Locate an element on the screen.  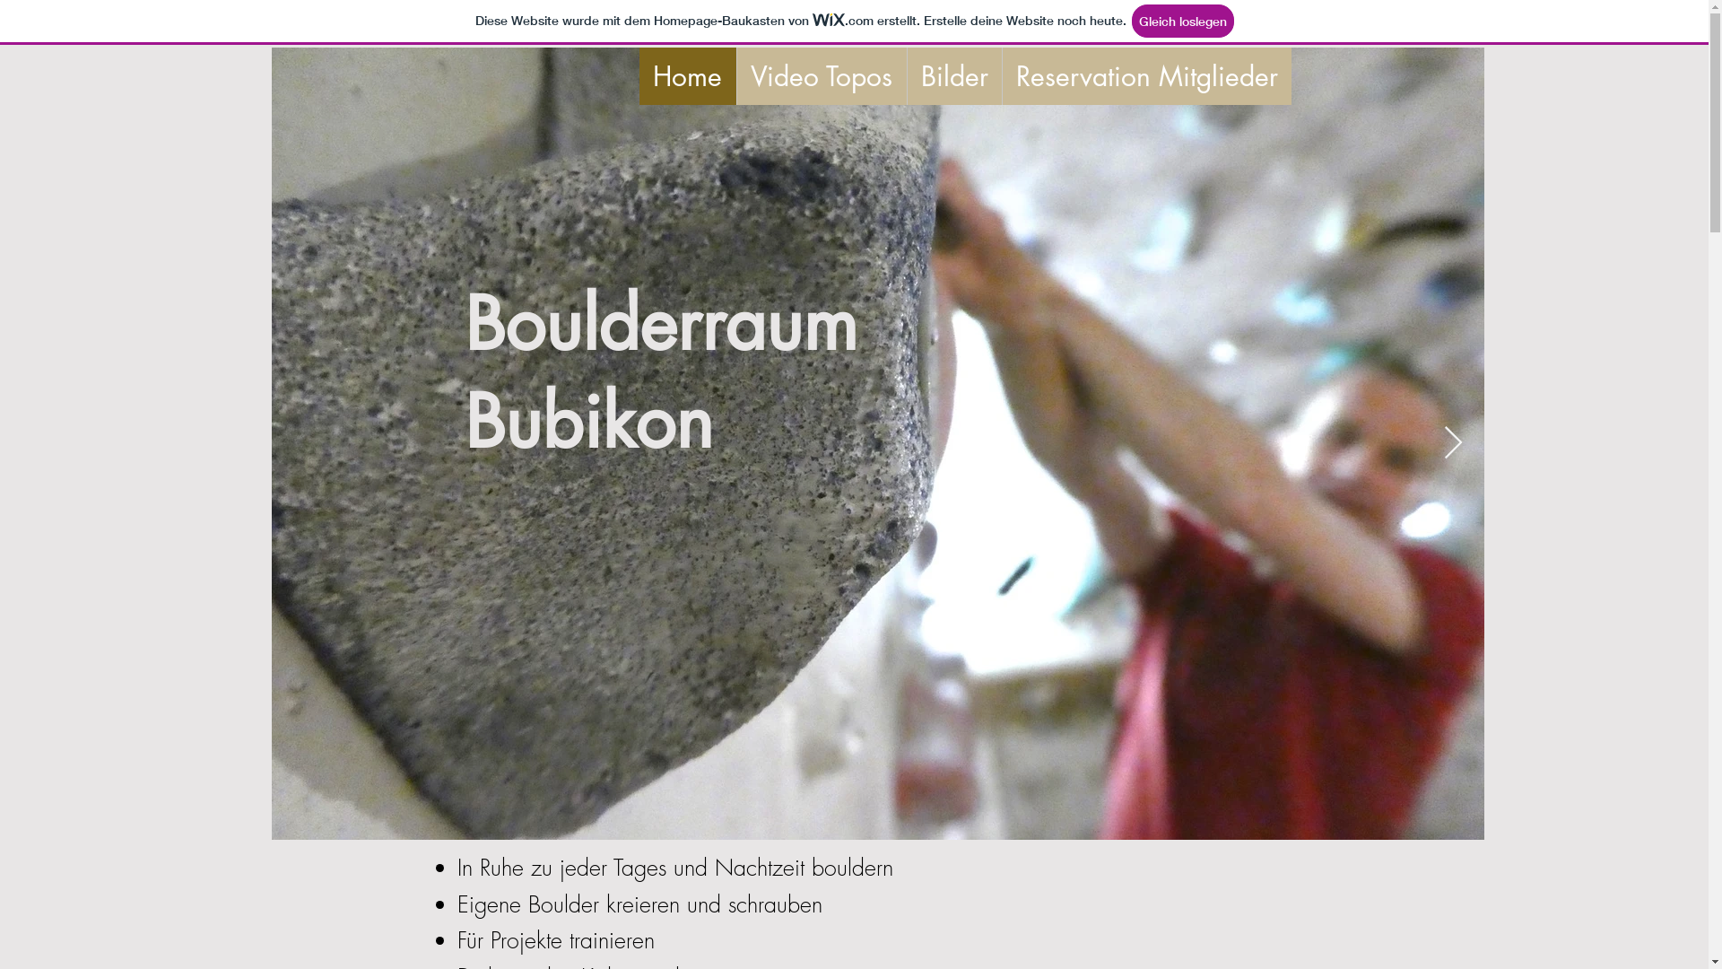
'Reservation Mitglieder' is located at coordinates (1000, 74).